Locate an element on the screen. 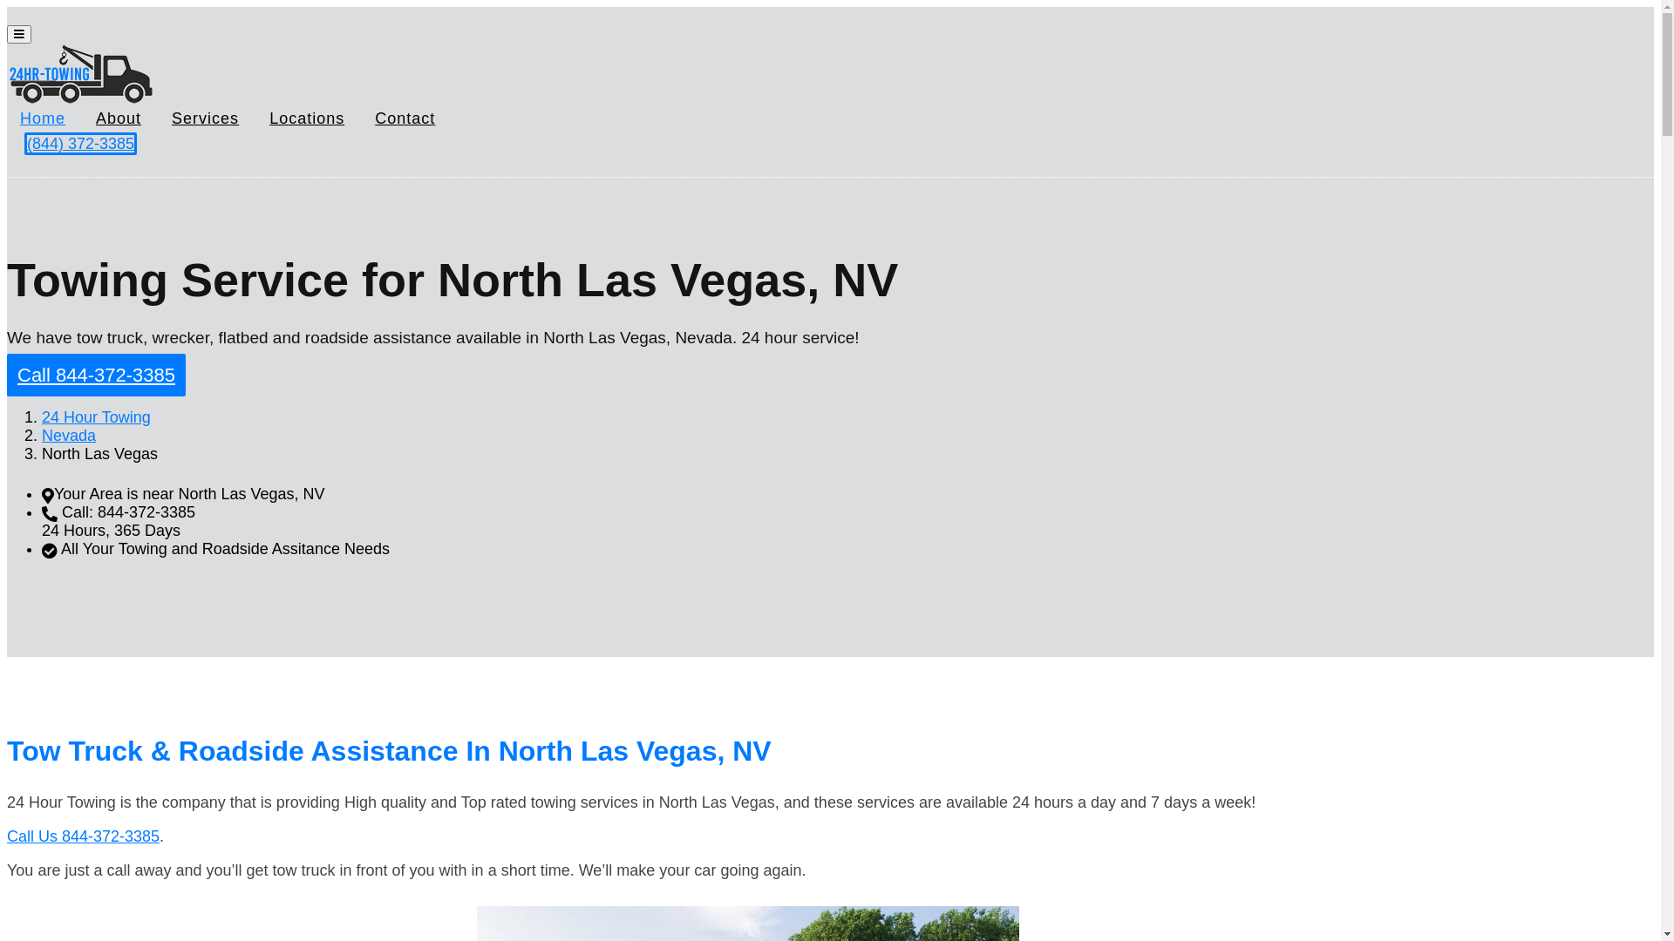 This screenshot has width=1674, height=941. '(844) 372-3385' is located at coordinates (79, 143).